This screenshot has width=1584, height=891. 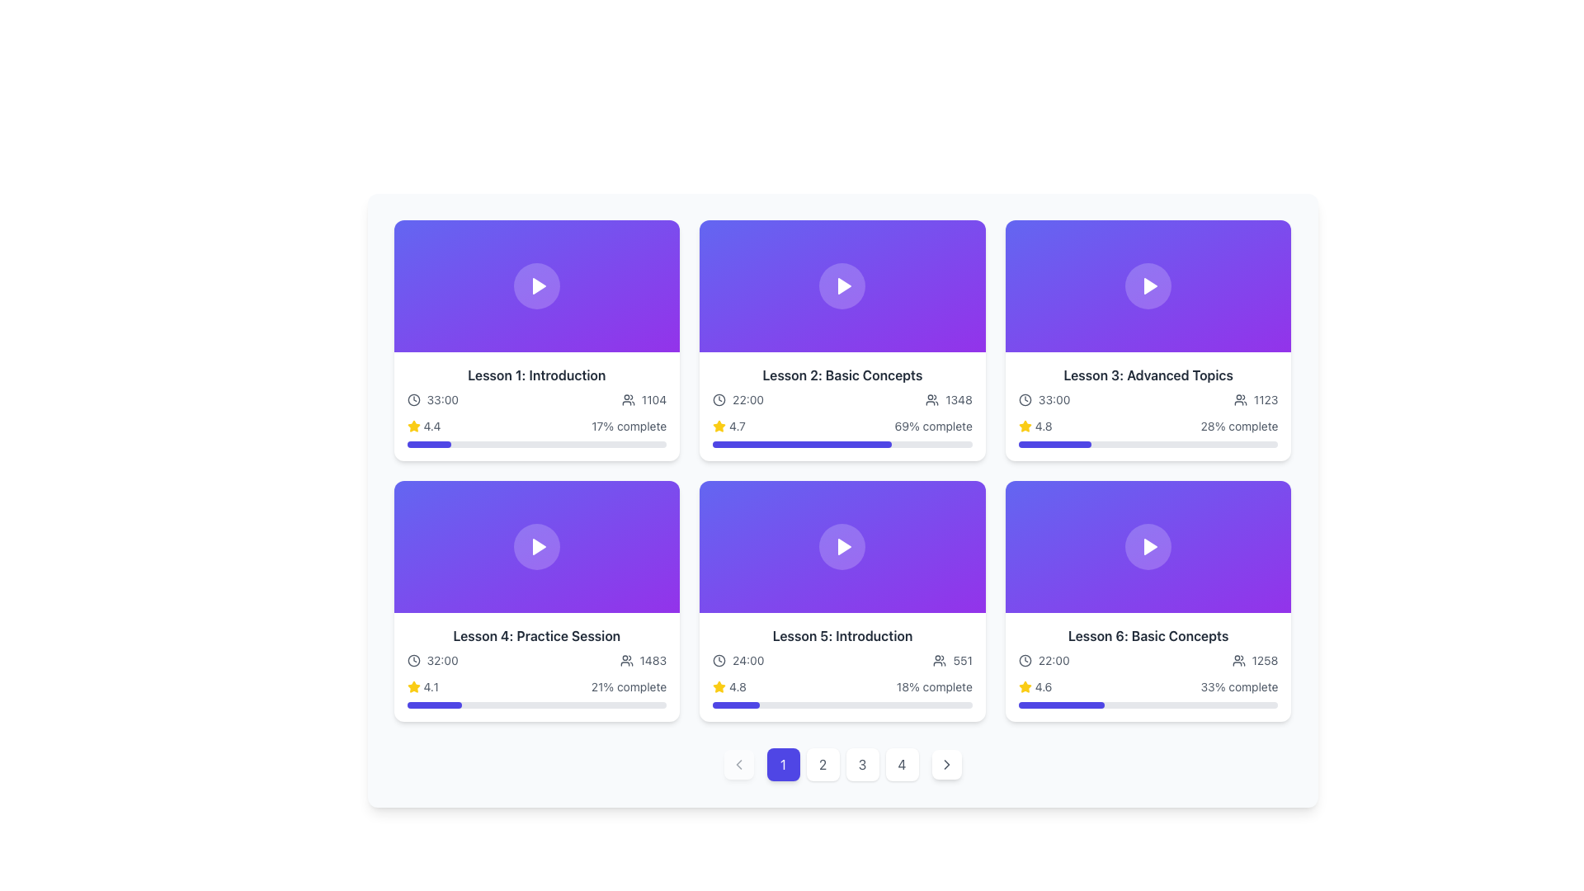 I want to click on the play button, which is a circular button with a white triangular play icon located in the center of a gradient-filled rectangle transitioning from indigo to purple, positioned in the third item of the second row of a grid layout, so click(x=842, y=547).